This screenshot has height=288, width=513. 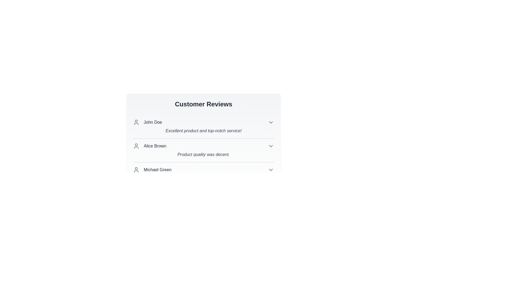 I want to click on the chevron icon to expand or collapse the review details for John Doe, so click(x=271, y=122).